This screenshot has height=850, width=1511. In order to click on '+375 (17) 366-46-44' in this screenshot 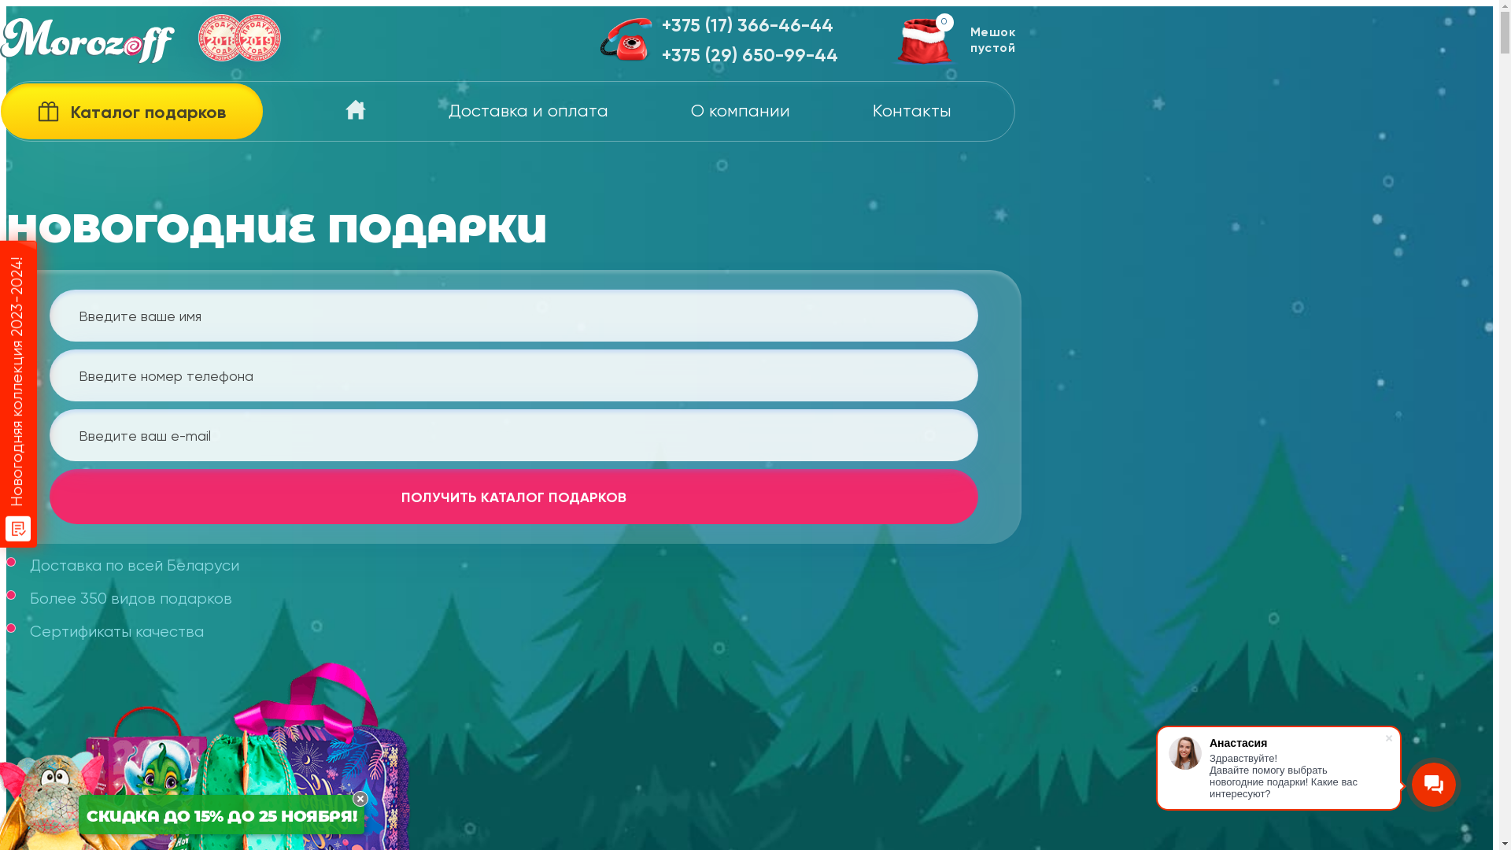, I will do `click(749, 26)`.